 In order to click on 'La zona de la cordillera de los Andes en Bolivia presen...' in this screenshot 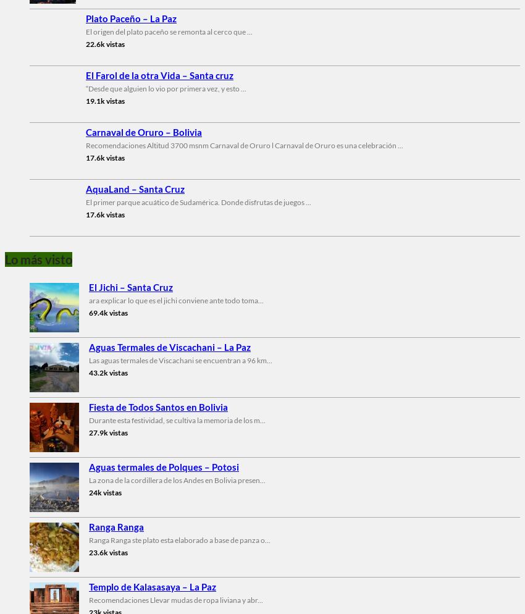, I will do `click(88, 479)`.